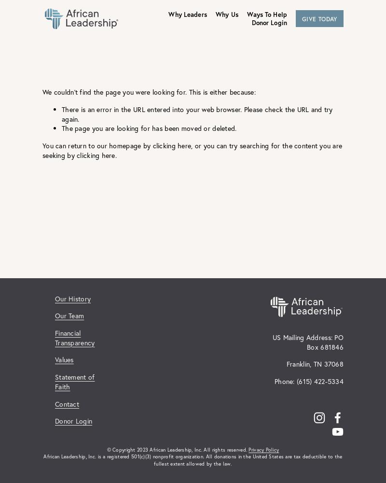 The height and width of the screenshot is (483, 386). I want to click on 'You can return to our homepage by', so click(97, 145).